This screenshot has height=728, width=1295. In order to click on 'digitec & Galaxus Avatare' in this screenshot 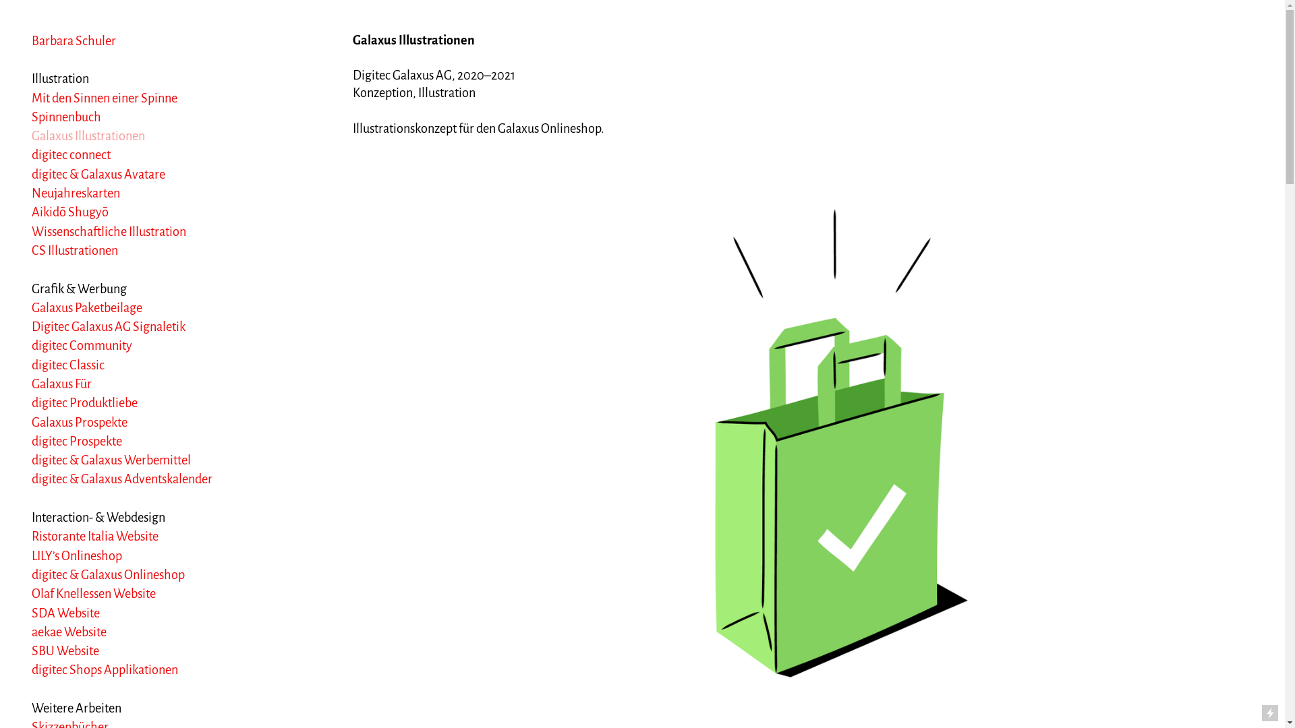, I will do `click(97, 173)`.